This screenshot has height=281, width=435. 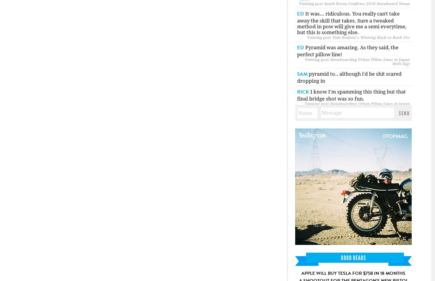 What do you see at coordinates (349, 77) in the screenshot?
I see `'pyramid to.. although i'd be shit scared dropping in'` at bounding box center [349, 77].